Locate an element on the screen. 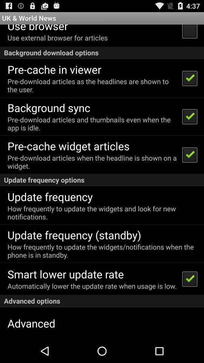  app below the automatically lower the item is located at coordinates (102, 301).